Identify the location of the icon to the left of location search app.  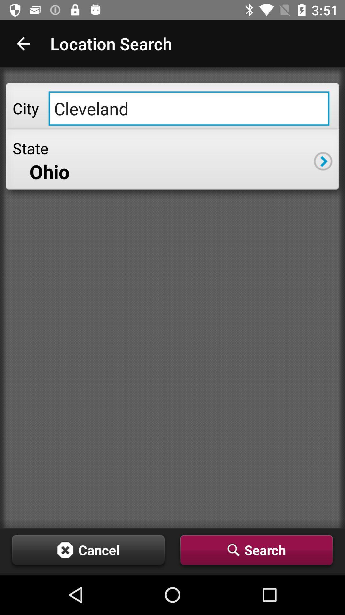
(23, 43).